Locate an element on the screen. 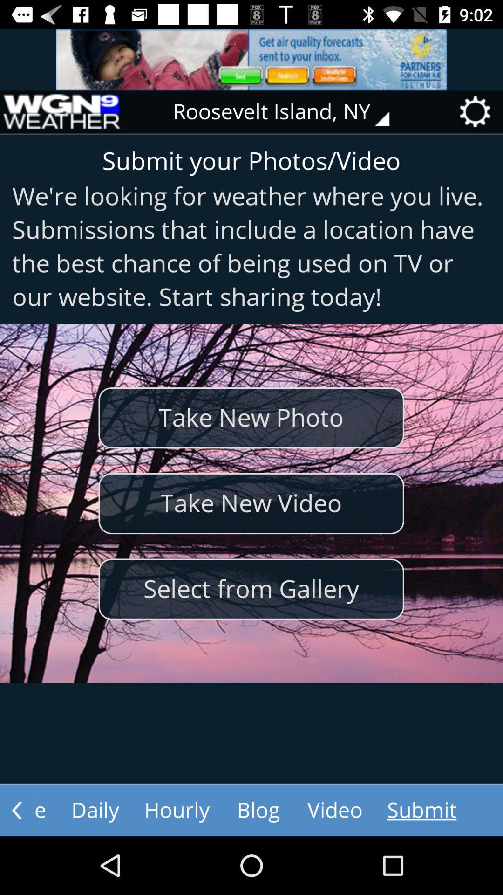 The image size is (503, 895). advertisement is located at coordinates (251, 59).